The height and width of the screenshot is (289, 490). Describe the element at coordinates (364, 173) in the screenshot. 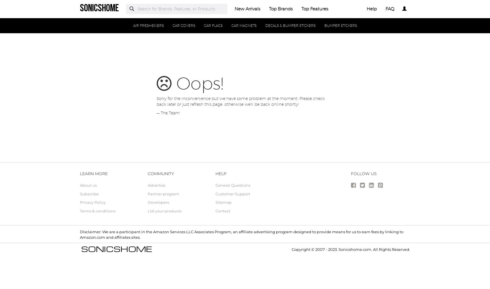

I see `'Follow us'` at that location.